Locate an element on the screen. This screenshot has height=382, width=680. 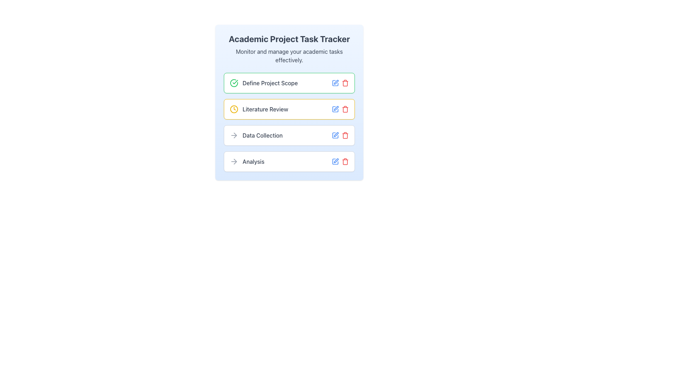
the completion status icon for the task 'Define Project Scope', which indicates that the task is marked as completed is located at coordinates (234, 83).